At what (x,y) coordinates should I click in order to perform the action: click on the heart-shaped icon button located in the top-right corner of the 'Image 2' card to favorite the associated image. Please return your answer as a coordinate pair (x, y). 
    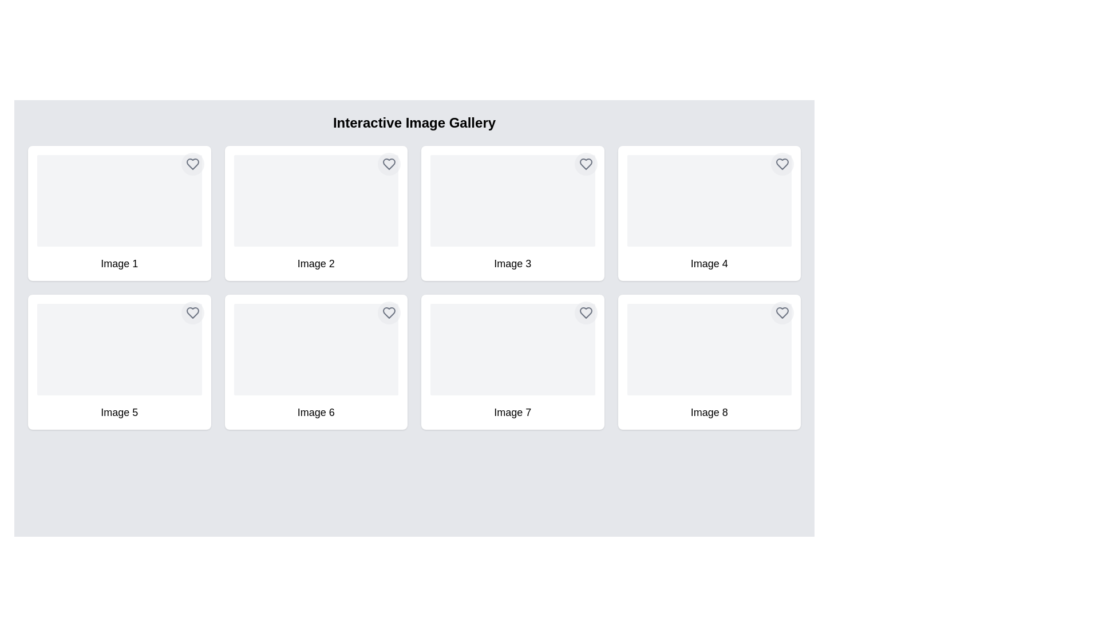
    Looking at the image, I should click on (389, 164).